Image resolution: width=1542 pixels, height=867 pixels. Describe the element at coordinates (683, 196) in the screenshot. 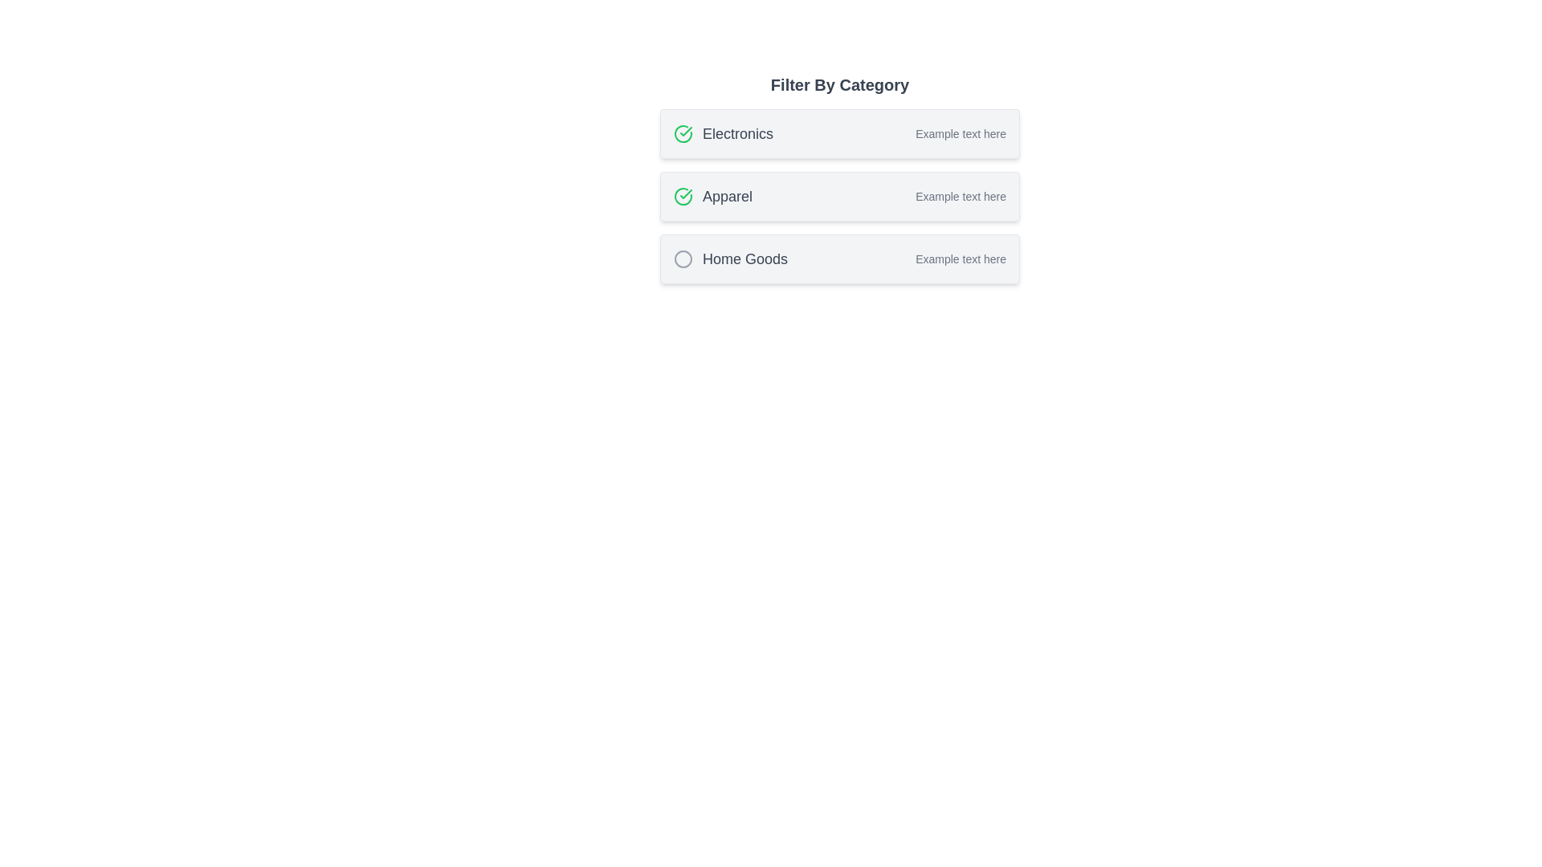

I see `the Indicator Icon (likely checkmark for selection) that marks the 'Apparel' category as chosen, located to the left of the text 'Apparel'` at that location.